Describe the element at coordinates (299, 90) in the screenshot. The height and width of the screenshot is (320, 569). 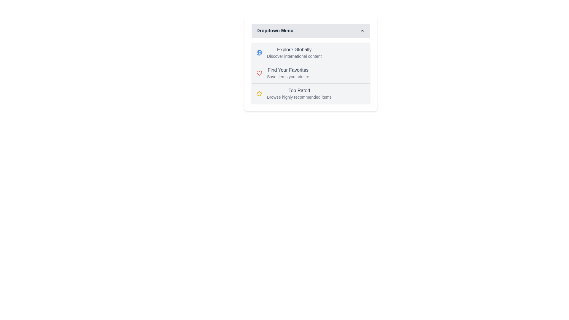
I see `the Text Label displaying the title for the associated menu option` at that location.